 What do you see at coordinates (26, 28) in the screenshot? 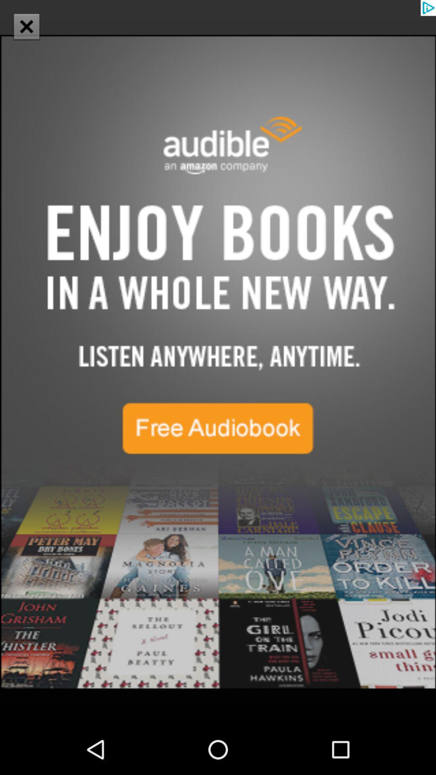
I see `the close icon` at bounding box center [26, 28].